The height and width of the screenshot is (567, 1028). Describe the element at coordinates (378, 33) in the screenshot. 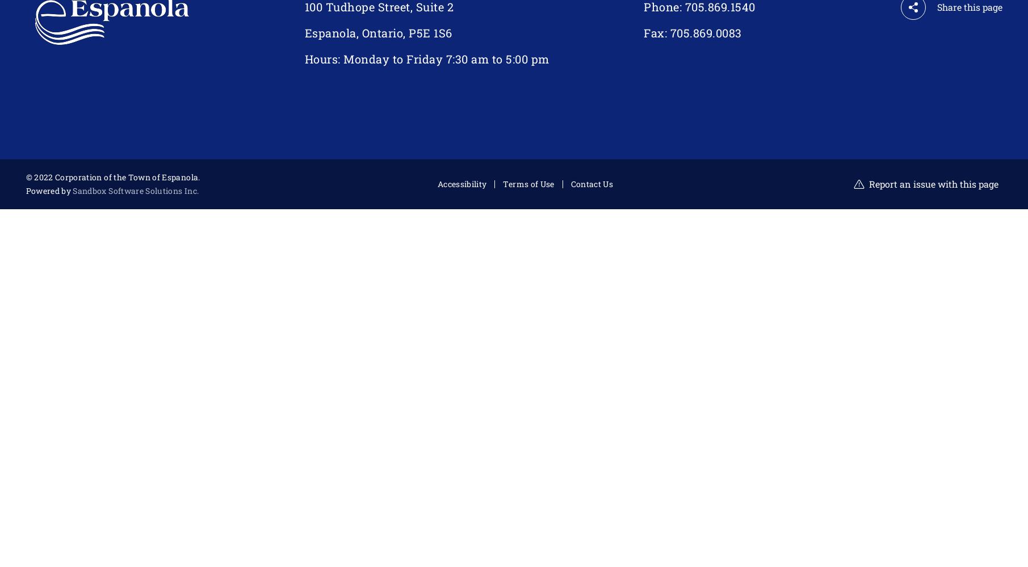

I see `'Espanola, Ontario, P5E 1S6'` at that location.